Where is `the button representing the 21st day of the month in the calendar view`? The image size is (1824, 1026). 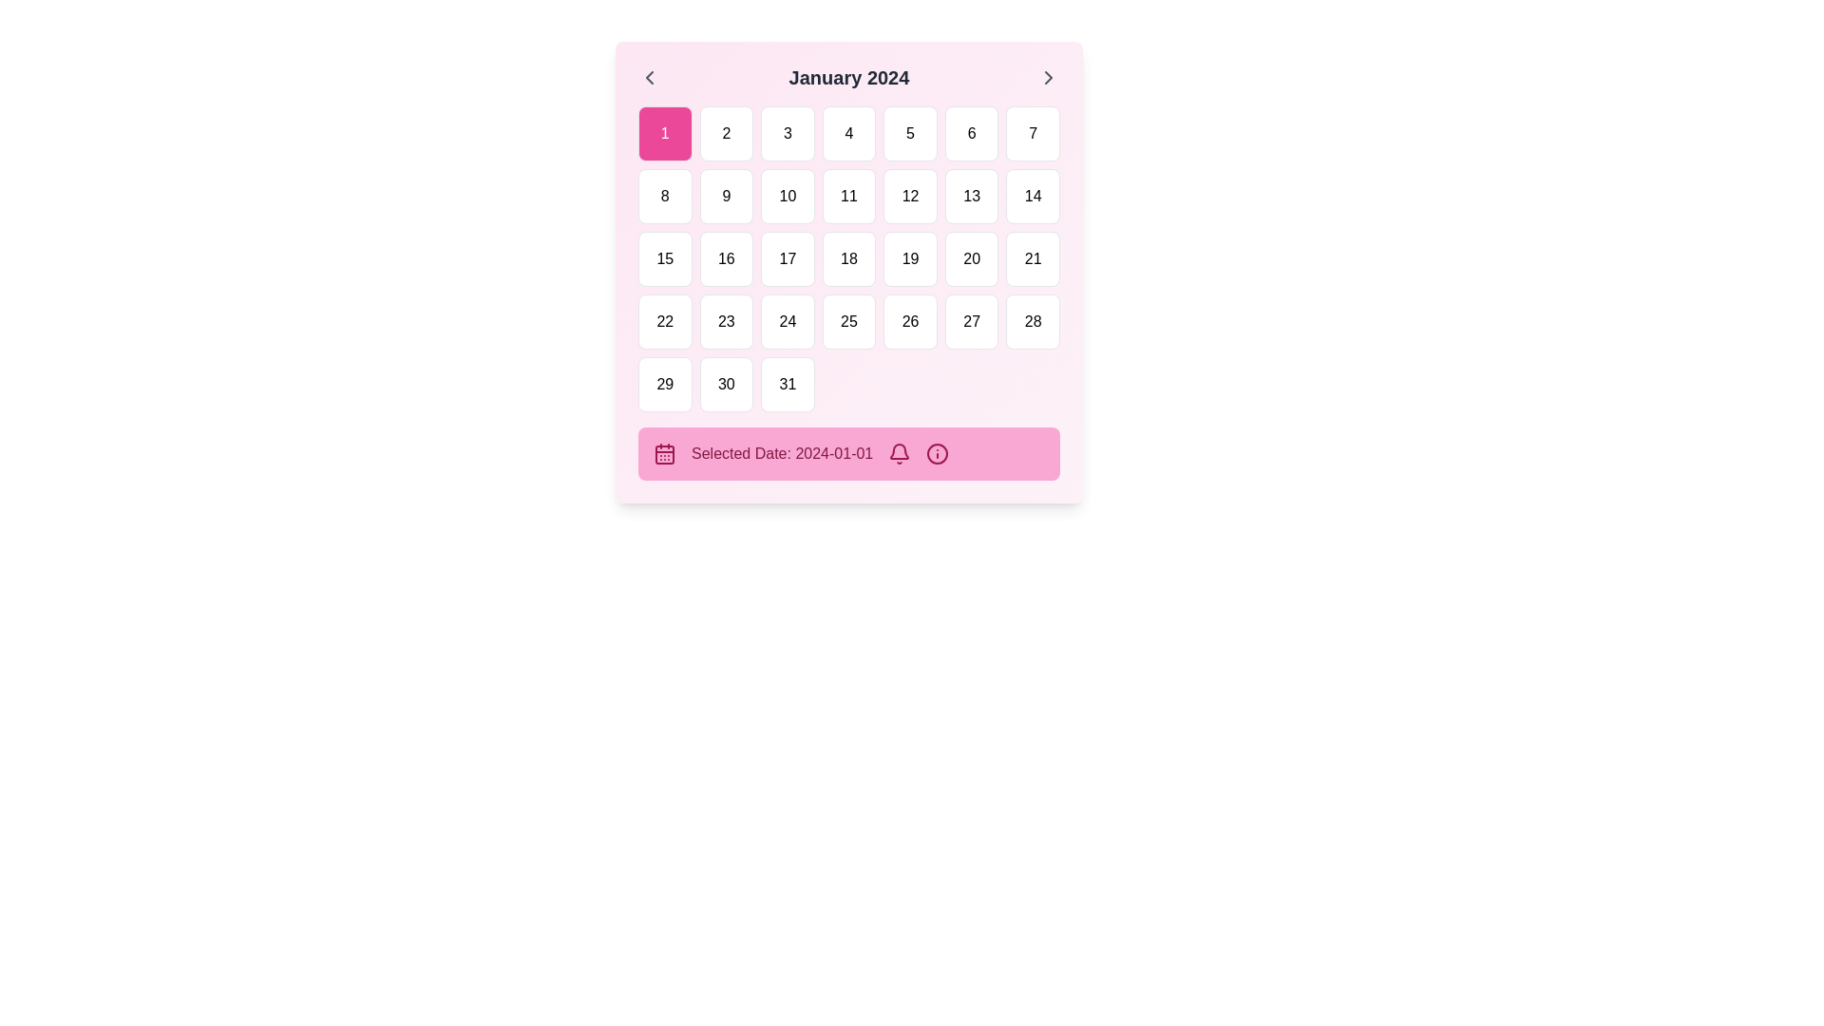 the button representing the 21st day of the month in the calendar view is located at coordinates (1032, 259).